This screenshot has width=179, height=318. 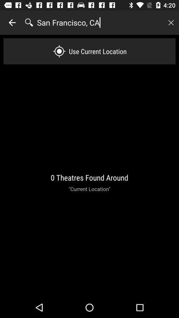 What do you see at coordinates (12, 23) in the screenshot?
I see `the item to the left of the san francisco, ca` at bounding box center [12, 23].